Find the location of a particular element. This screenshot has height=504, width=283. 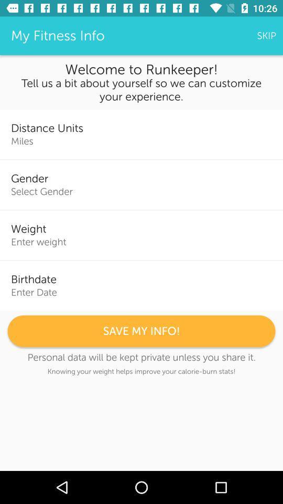

app next to my fitness info item is located at coordinates (266, 36).